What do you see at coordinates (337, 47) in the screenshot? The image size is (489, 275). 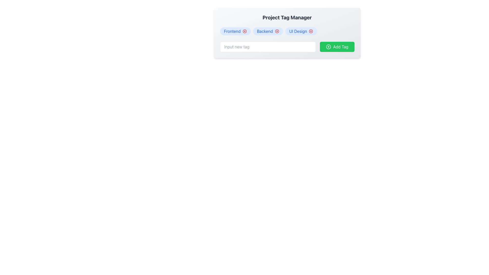 I see `the green 'Add Tag' button with a white plus icon to observe the hover effect` at bounding box center [337, 47].